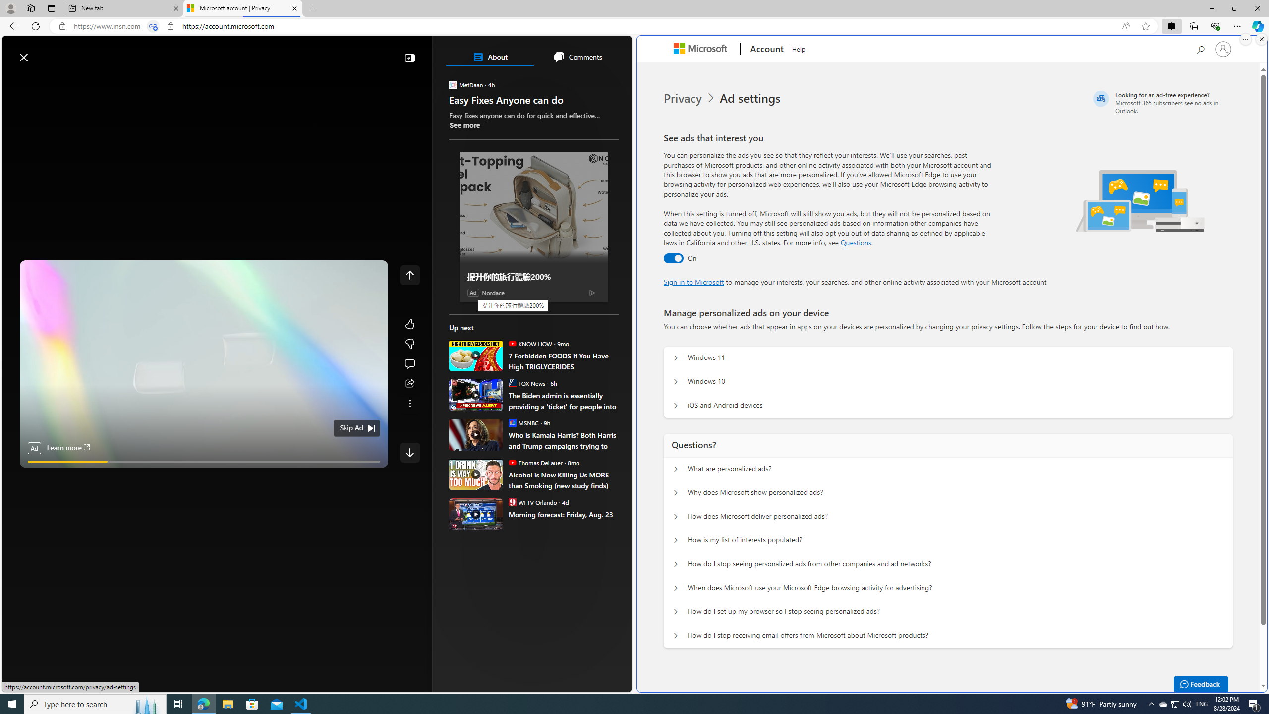  What do you see at coordinates (675, 357) in the screenshot?
I see `'Manage personalized ads on your device Windows 11'` at bounding box center [675, 357].